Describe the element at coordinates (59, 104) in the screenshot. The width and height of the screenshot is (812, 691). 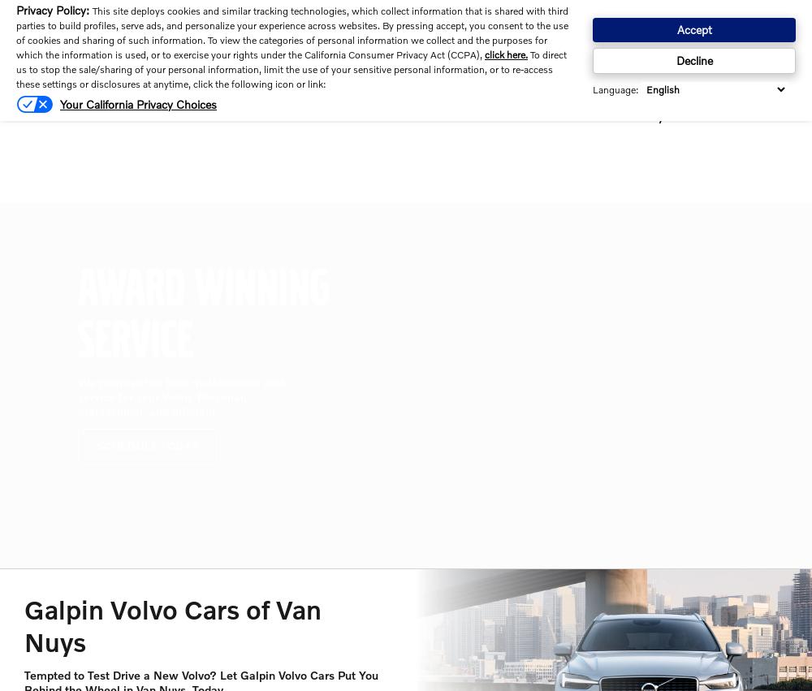
I see `'Your California Privacy Choices'` at that location.